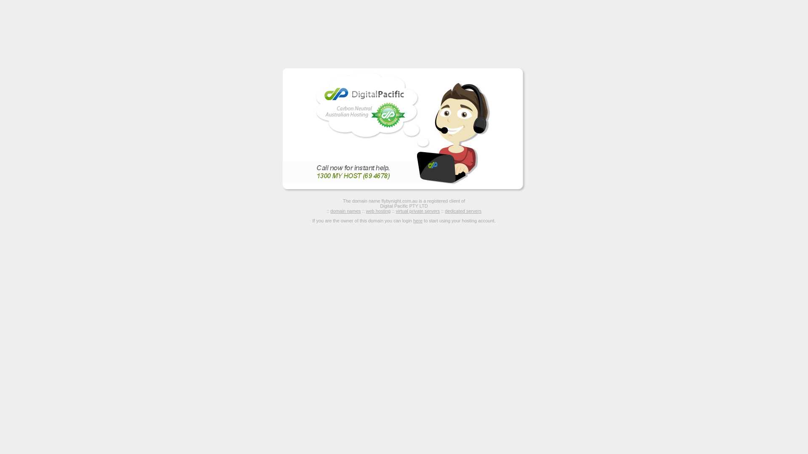 The width and height of the screenshot is (808, 454). What do you see at coordinates (417, 210) in the screenshot?
I see `'virtual private servers'` at bounding box center [417, 210].